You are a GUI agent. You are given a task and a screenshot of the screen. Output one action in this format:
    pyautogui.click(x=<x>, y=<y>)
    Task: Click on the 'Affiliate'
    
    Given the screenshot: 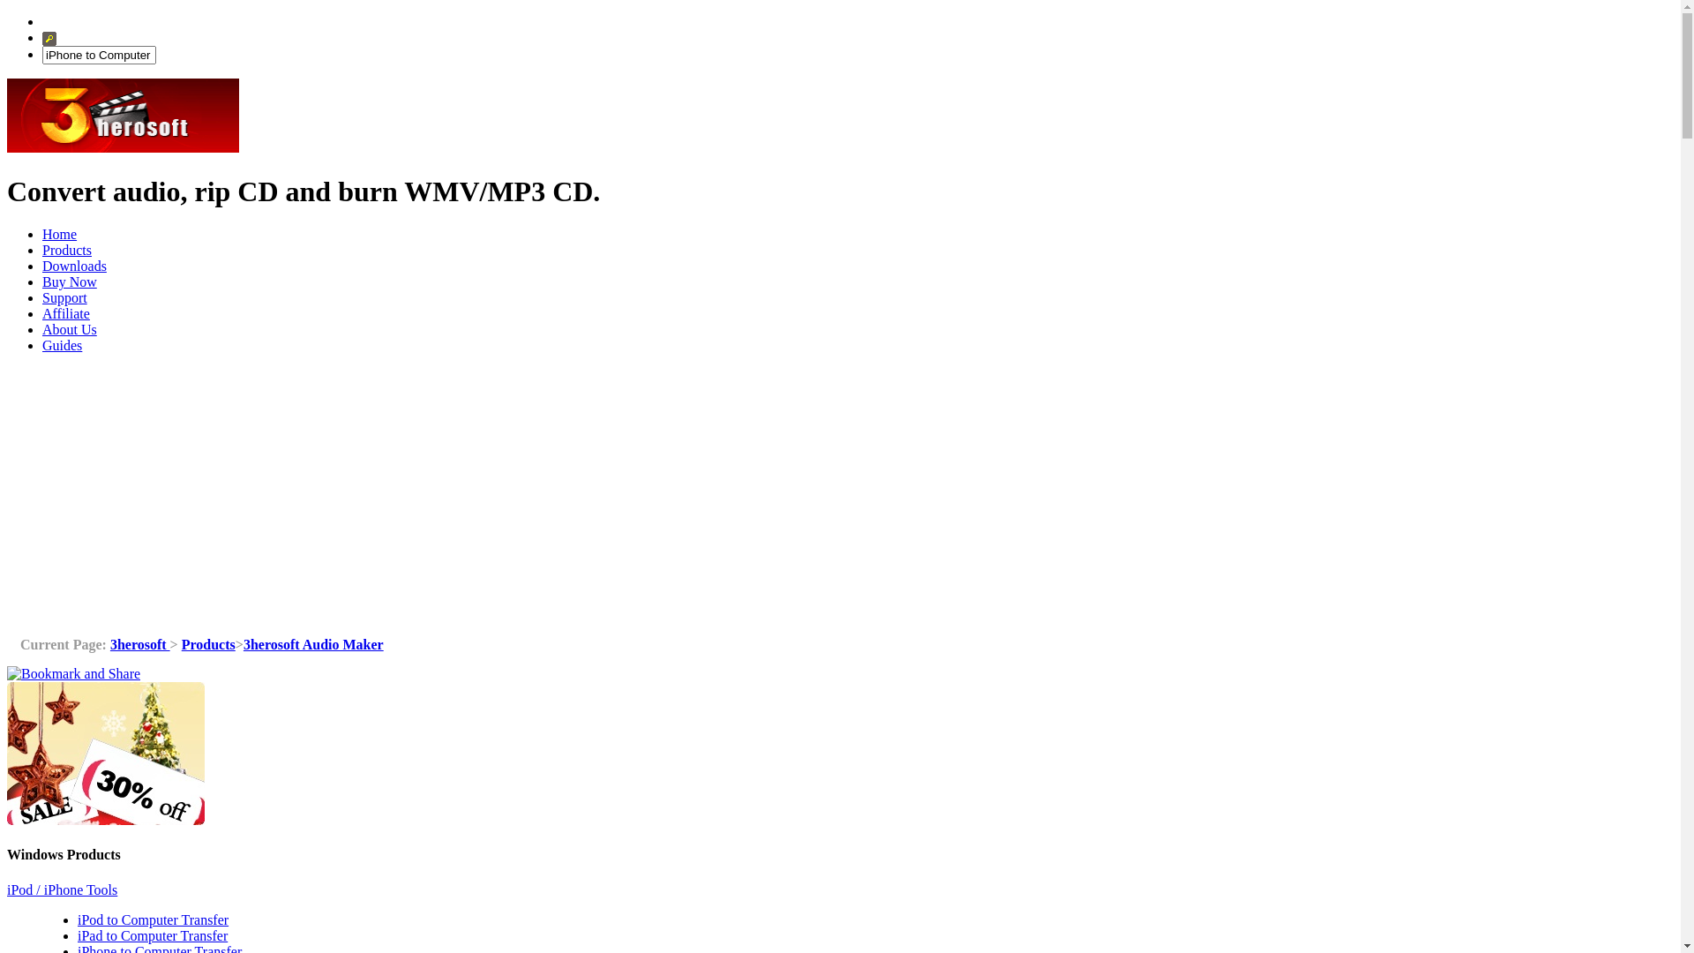 What is the action you would take?
    pyautogui.click(x=66, y=312)
    